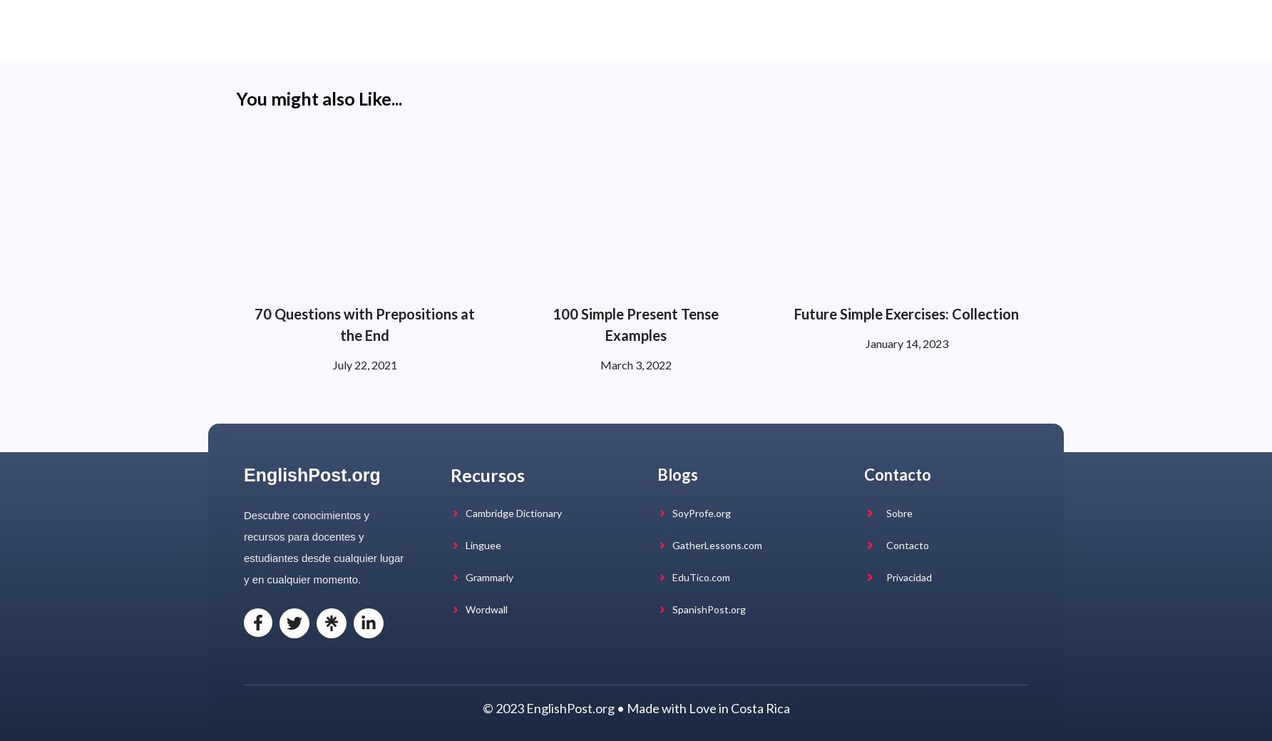  I want to click on '© 2023 EnglishPost.org • Made with Love in Costa Rica', so click(635, 707).